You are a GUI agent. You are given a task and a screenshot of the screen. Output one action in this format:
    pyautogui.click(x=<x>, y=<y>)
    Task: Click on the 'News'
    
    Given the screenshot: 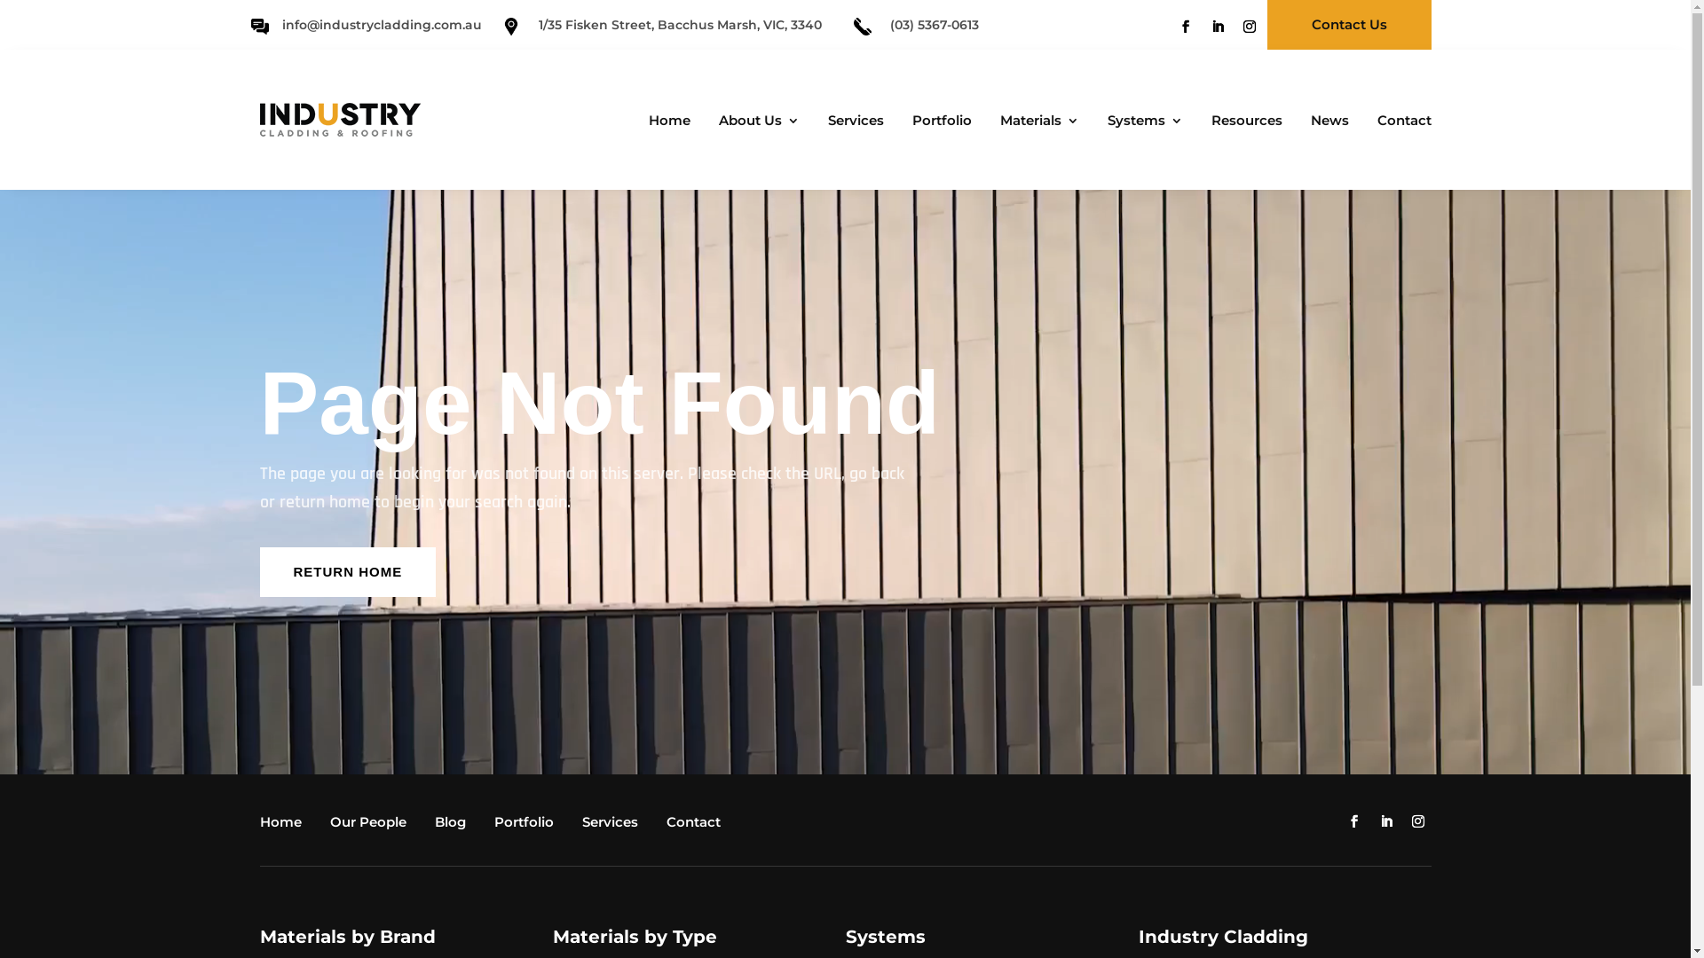 What is the action you would take?
    pyautogui.click(x=1300, y=122)
    